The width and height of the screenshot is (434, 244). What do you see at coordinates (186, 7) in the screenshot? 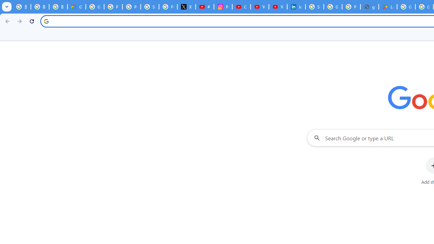
I see `'X'` at bounding box center [186, 7].